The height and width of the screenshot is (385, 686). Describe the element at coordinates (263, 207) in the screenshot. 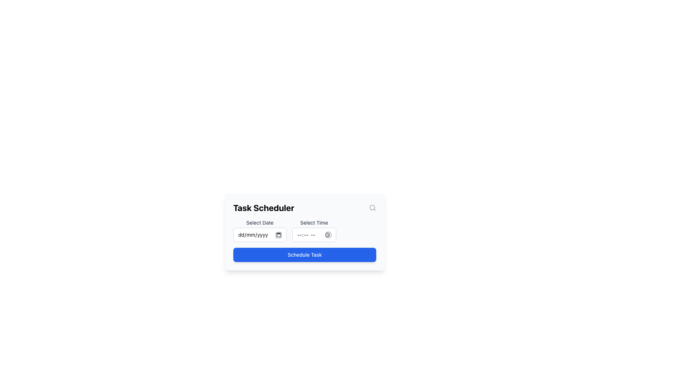

I see `the bold text label displaying 'Task Scheduler' at the top-center of the interface` at that location.